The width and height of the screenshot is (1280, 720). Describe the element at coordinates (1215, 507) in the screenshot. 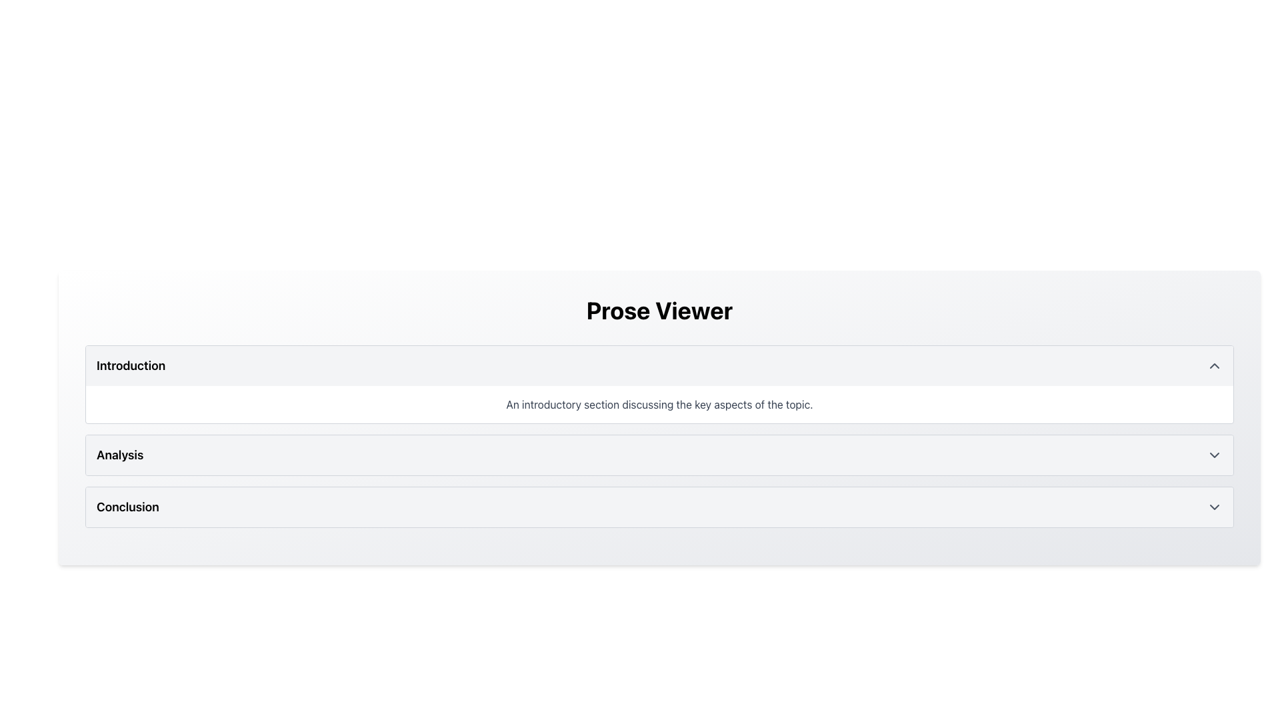

I see `the downward-facing chevron icon styled in gray, located on the far right side of the 'Conclusion' section header, to indicate its interactive state` at that location.